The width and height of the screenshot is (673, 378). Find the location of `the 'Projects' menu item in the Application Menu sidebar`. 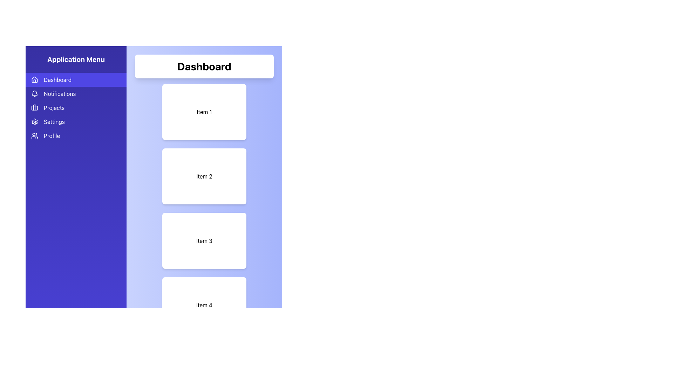

the 'Projects' menu item in the Application Menu sidebar is located at coordinates (76, 108).